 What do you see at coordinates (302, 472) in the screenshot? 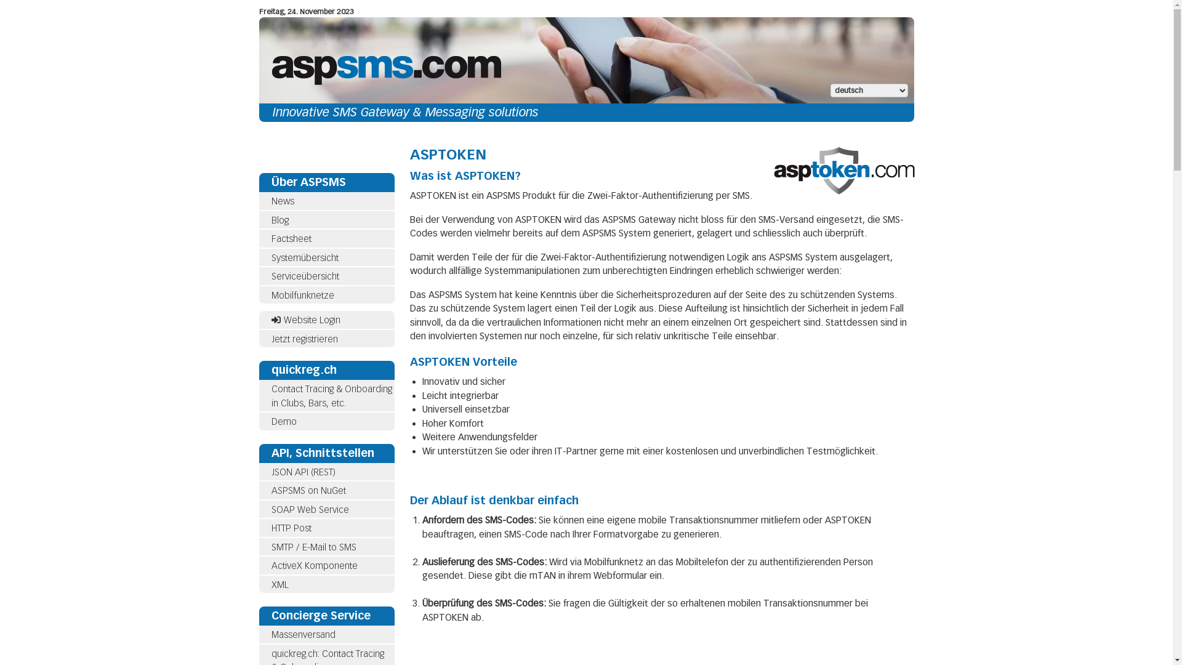
I see `'JSON API (REST)'` at bounding box center [302, 472].